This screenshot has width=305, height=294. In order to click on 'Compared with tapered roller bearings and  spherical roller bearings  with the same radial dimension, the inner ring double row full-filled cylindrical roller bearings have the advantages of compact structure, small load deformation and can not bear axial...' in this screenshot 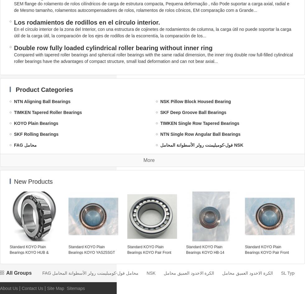, I will do `click(153, 58)`.